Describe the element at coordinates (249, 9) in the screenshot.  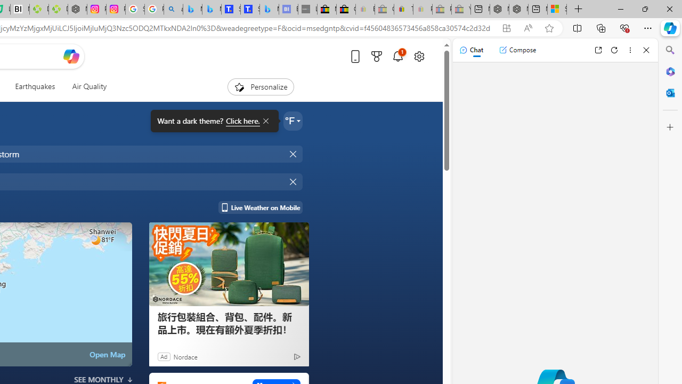
I see `'Shangri-La Bangkok, Hotel reviews and Room rates'` at that location.